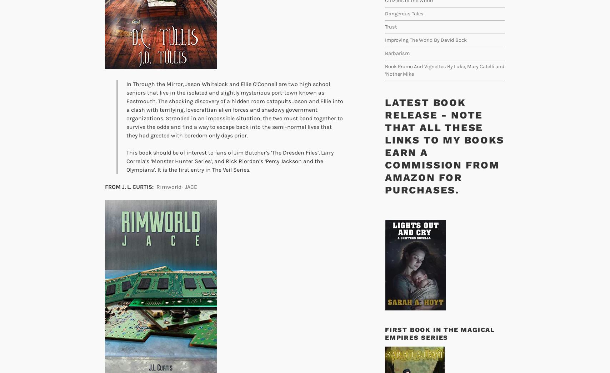 The image size is (610, 373). I want to click on 'Dangerous Tales', so click(385, 13).